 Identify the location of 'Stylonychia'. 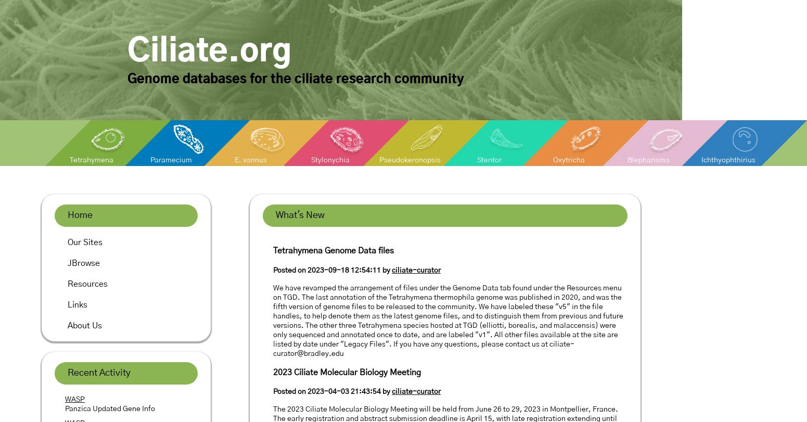
(329, 160).